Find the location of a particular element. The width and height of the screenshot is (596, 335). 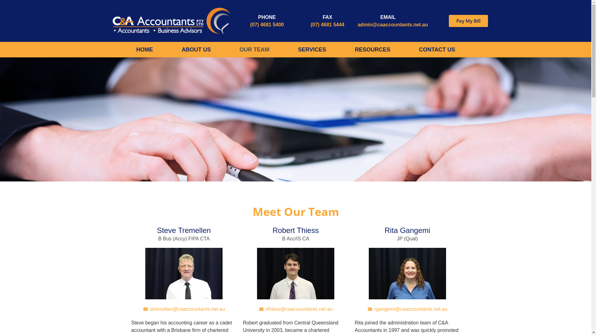

'rthiess@caaccountants.net.au' is located at coordinates (295, 309).